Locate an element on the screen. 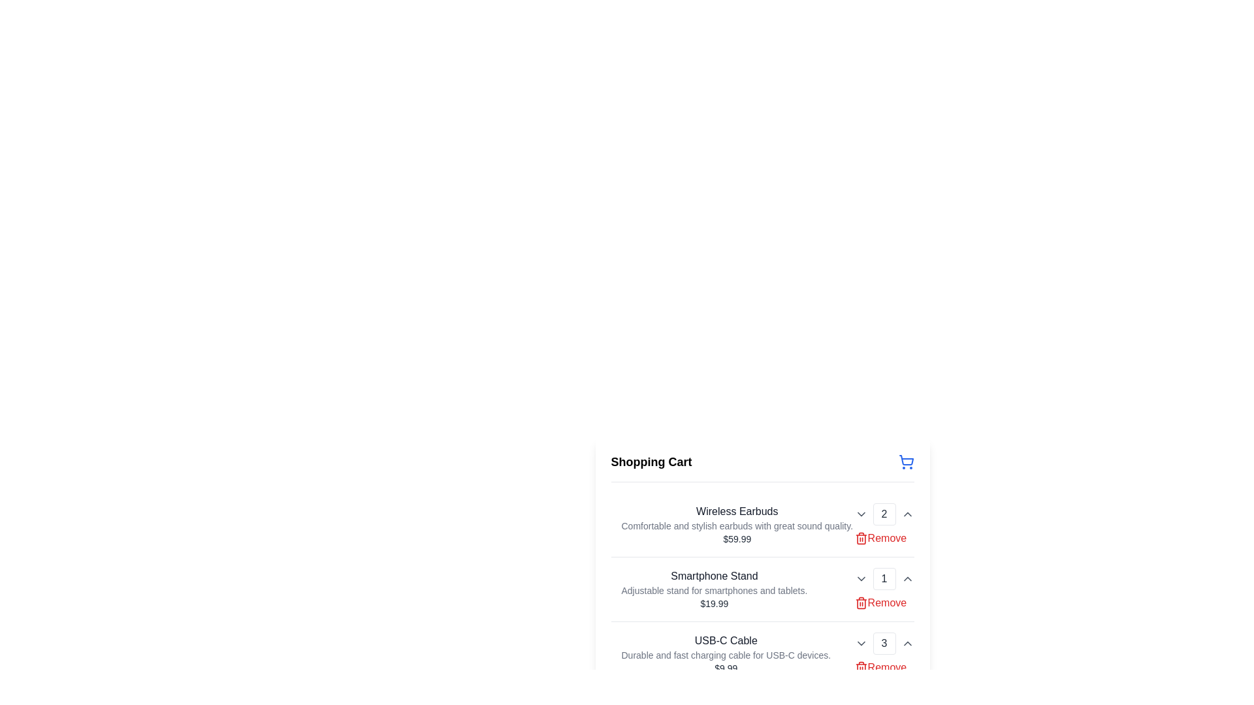 Image resolution: width=1254 pixels, height=705 pixels. the 'Shopping Cart' text header, which is a bold, large-sized text in a sans-serif font located at the top-left corner of the cart section is located at coordinates (651, 462).